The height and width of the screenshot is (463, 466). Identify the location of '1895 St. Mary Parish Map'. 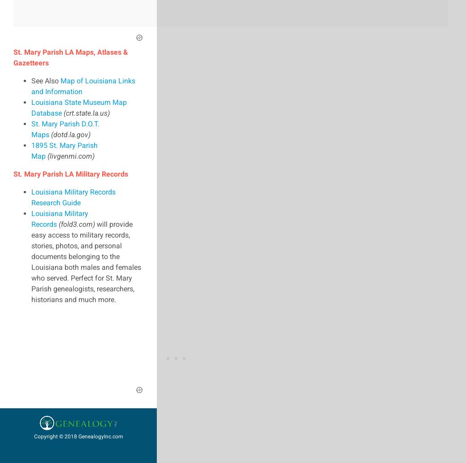
(65, 150).